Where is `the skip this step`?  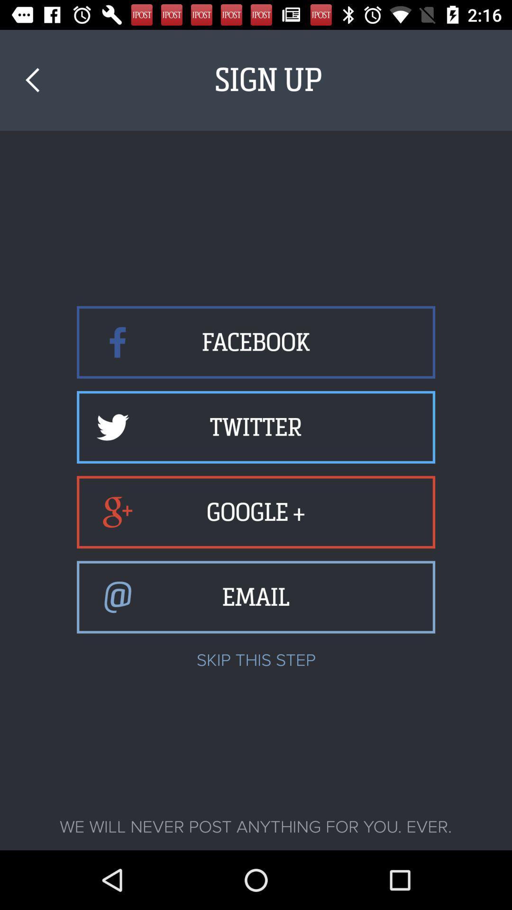
the skip this step is located at coordinates (256, 660).